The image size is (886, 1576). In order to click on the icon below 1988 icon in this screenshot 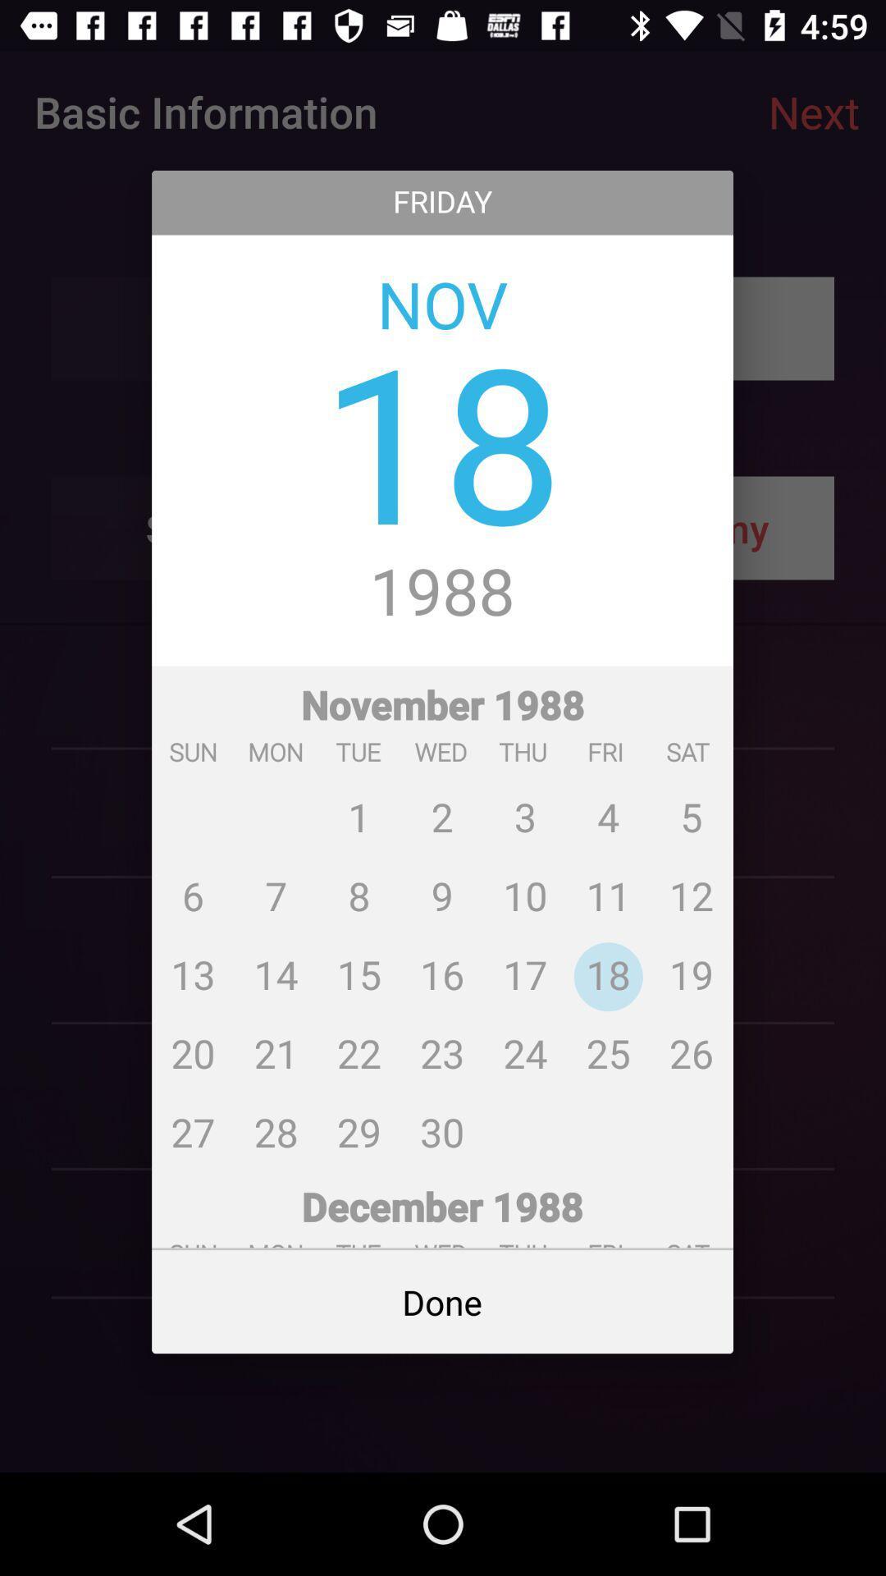, I will do `click(441, 916)`.